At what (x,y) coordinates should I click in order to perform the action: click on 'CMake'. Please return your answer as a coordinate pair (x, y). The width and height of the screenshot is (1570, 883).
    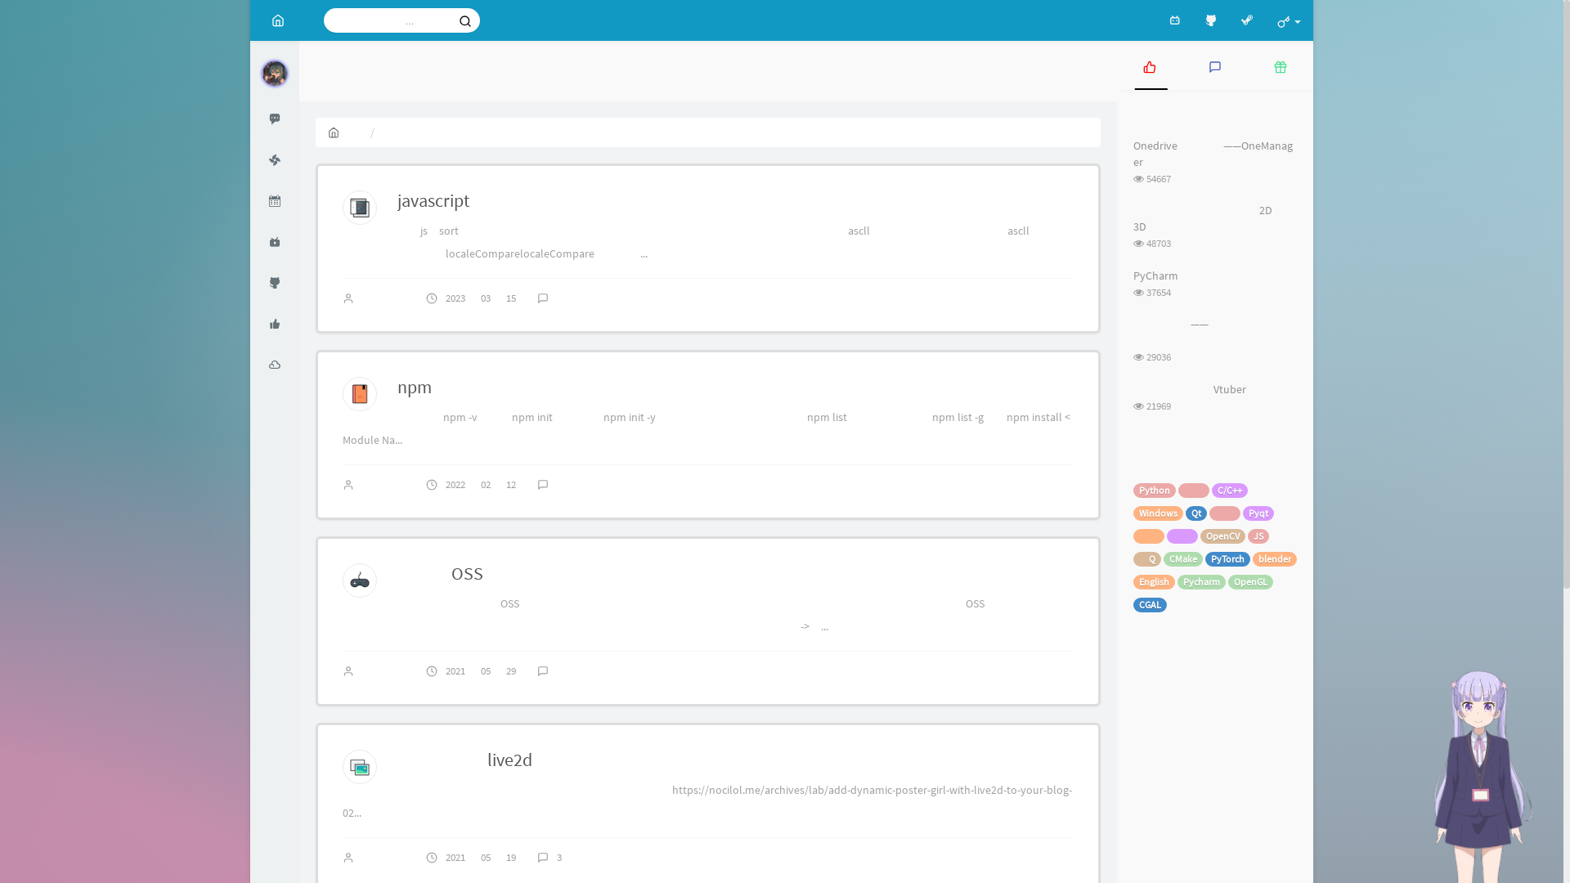
    Looking at the image, I should click on (1182, 558).